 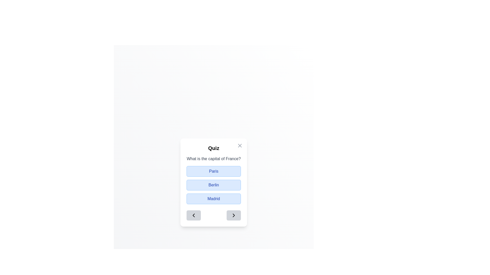 I want to click on the leftward-pointing chevron arrow icon embedded in the button, so click(x=193, y=215).